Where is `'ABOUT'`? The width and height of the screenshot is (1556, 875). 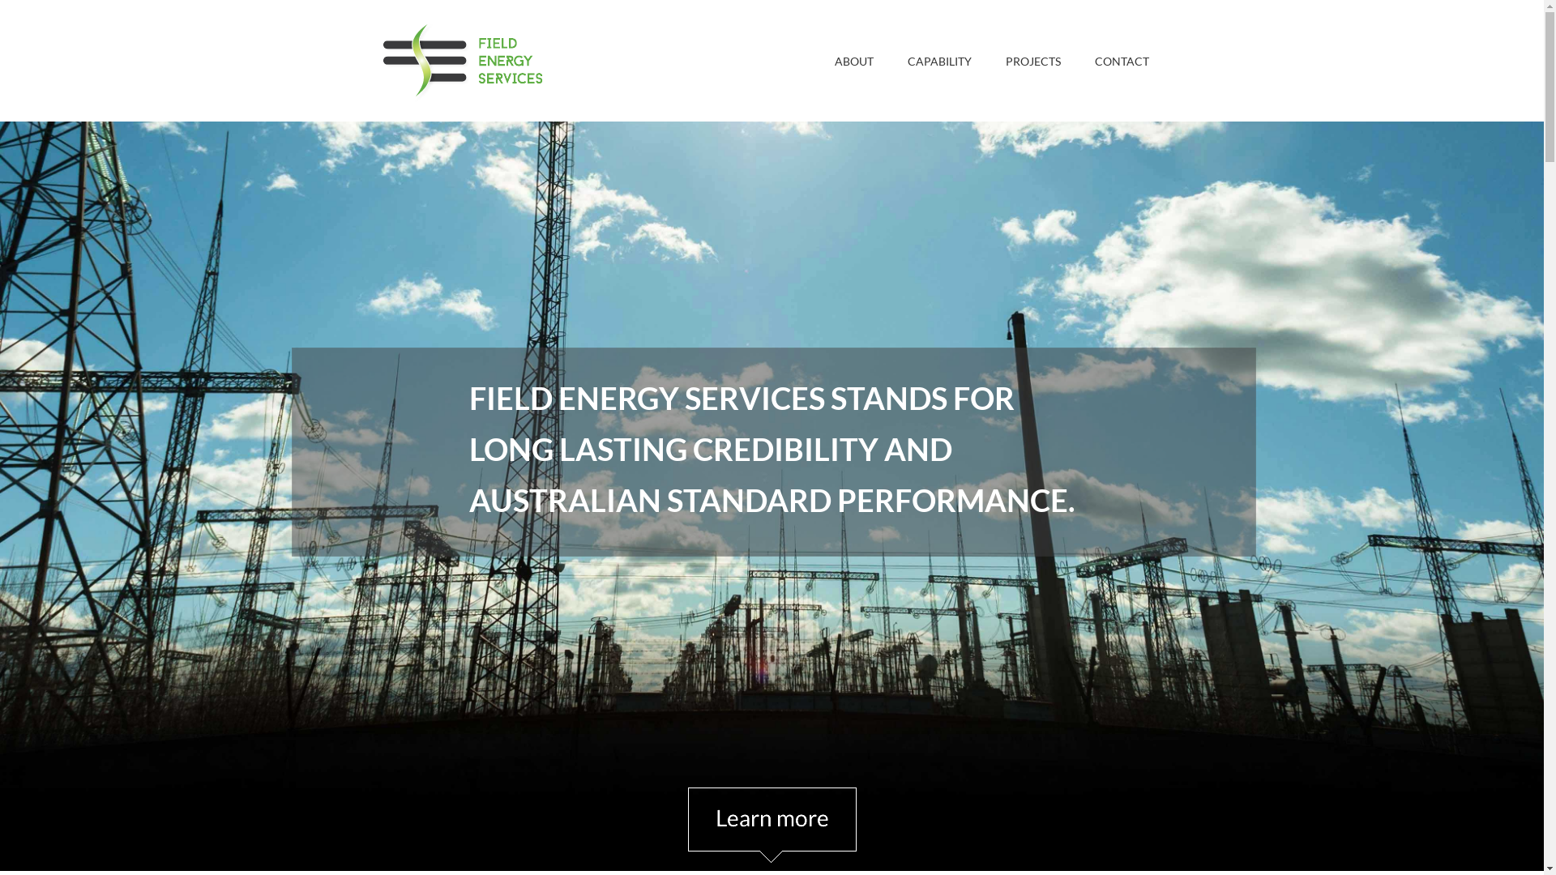
'ABOUT' is located at coordinates (853, 59).